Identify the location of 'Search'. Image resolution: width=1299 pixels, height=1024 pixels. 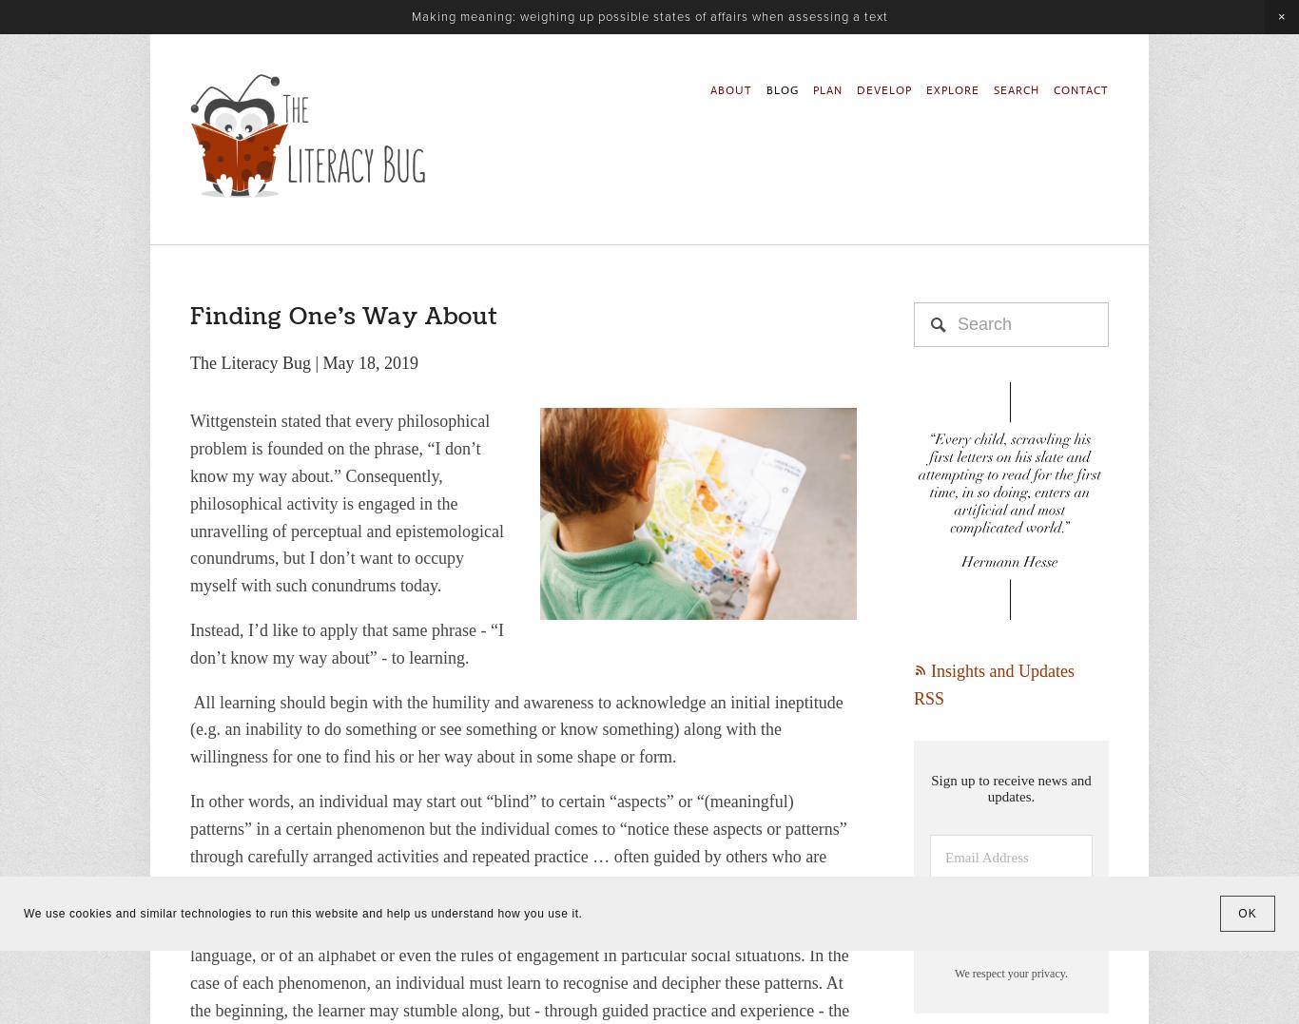
(207, 242).